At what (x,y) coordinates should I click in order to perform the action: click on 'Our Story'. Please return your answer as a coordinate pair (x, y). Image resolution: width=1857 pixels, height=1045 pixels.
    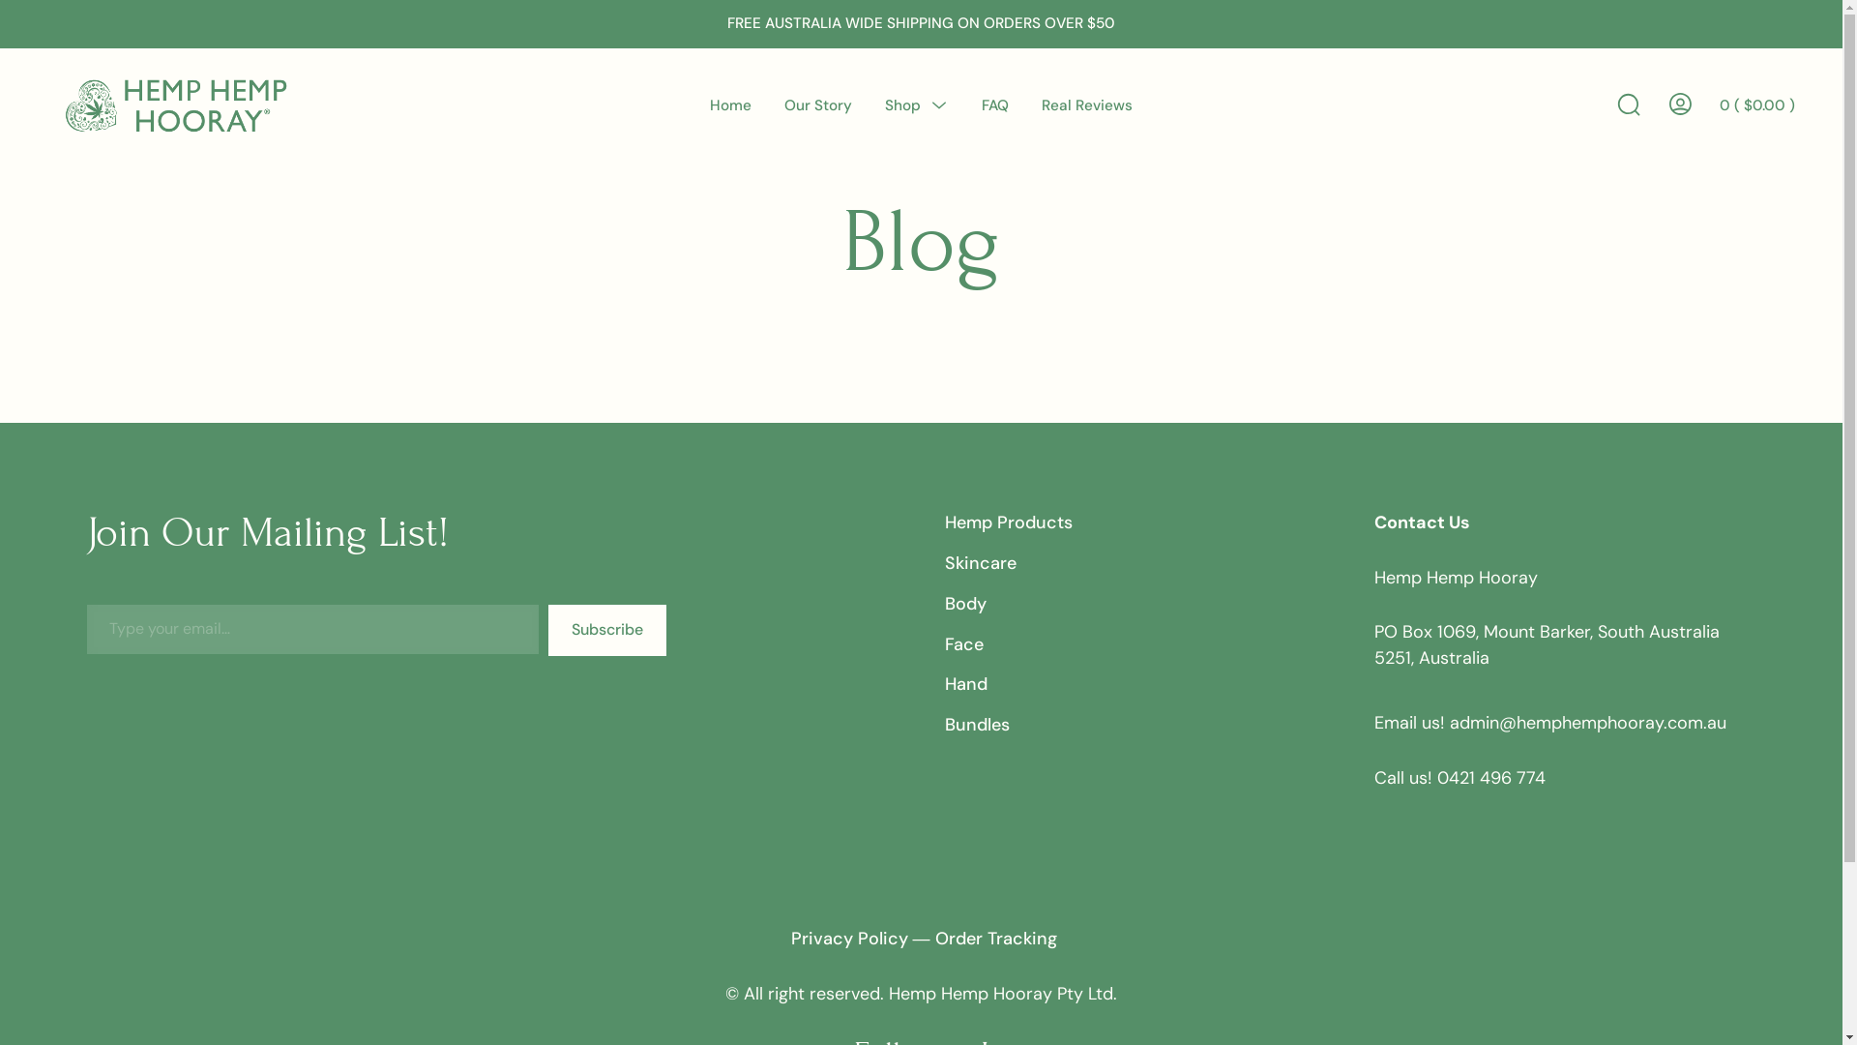
    Looking at the image, I should click on (817, 104).